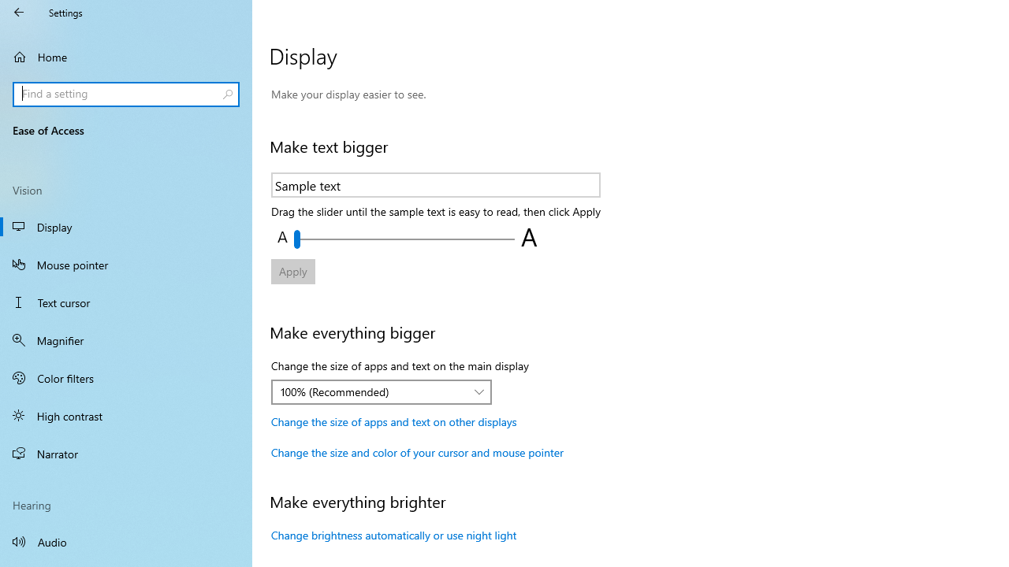  I want to click on 'Home', so click(126, 56).